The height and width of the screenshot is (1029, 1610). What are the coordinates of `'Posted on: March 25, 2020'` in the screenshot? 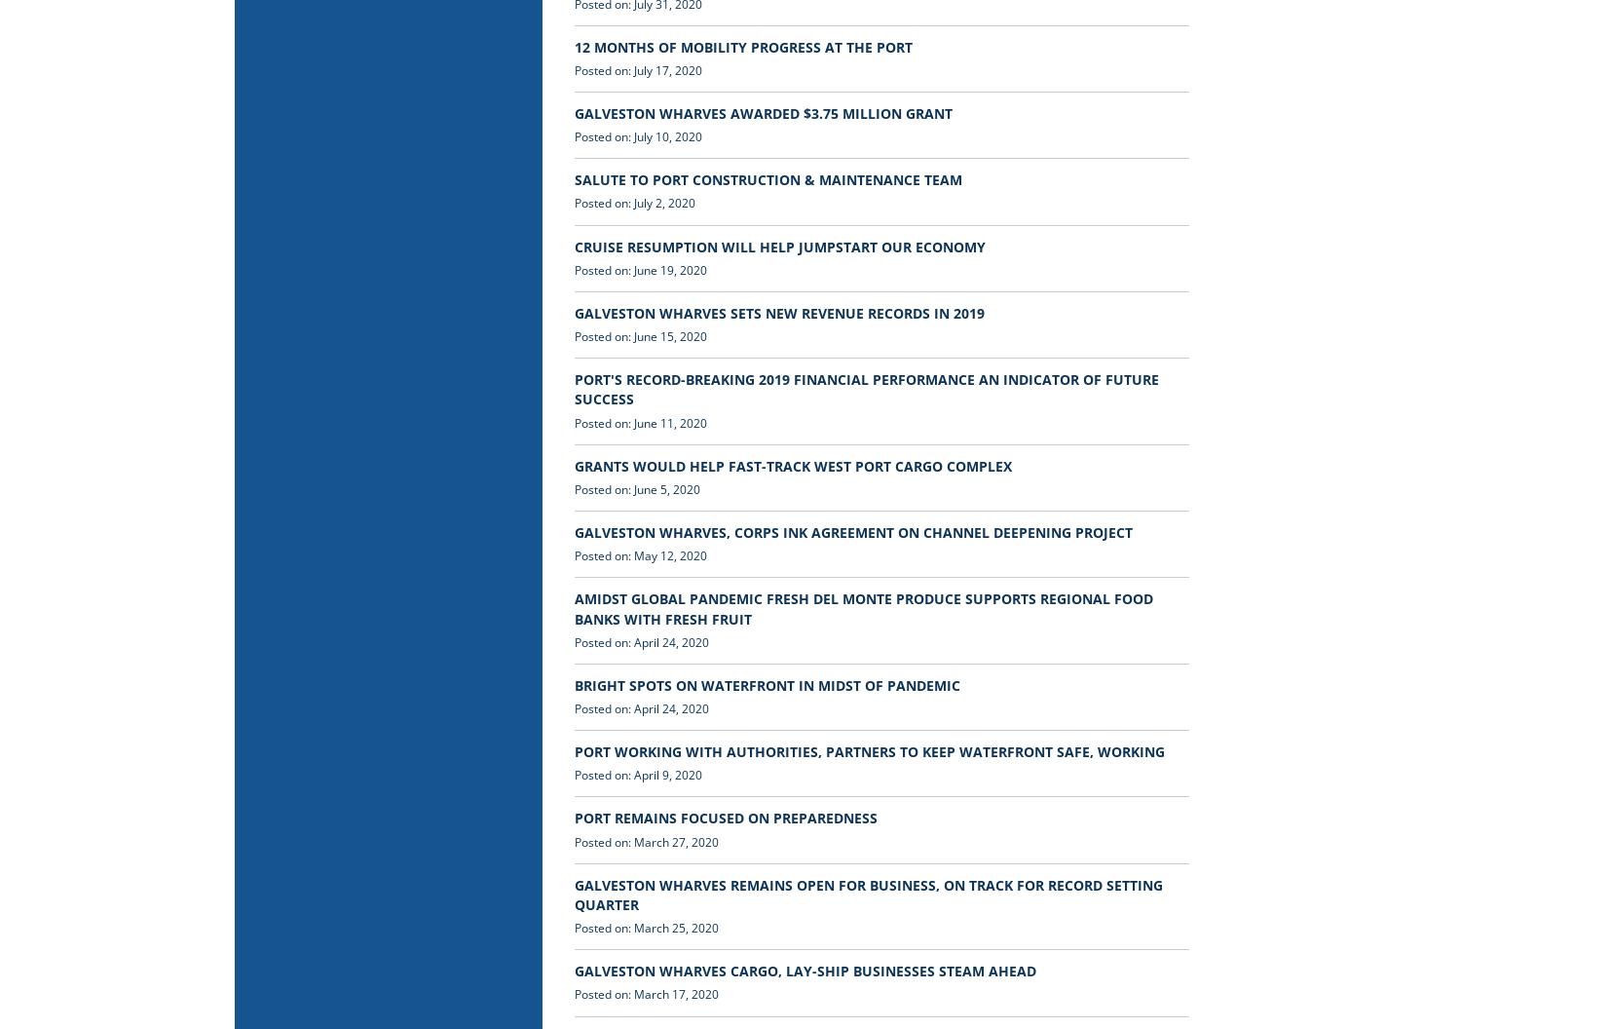 It's located at (646, 928).